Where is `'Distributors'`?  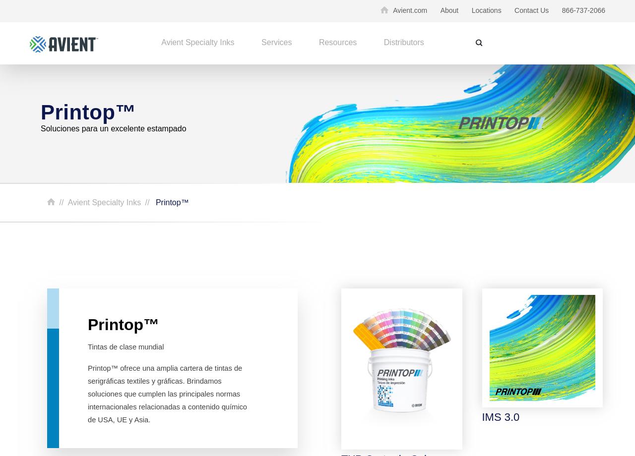
'Distributors' is located at coordinates (403, 42).